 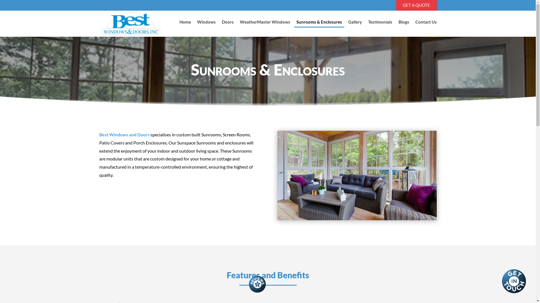 What do you see at coordinates (206, 26) in the screenshot?
I see `'Windows'` at bounding box center [206, 26].